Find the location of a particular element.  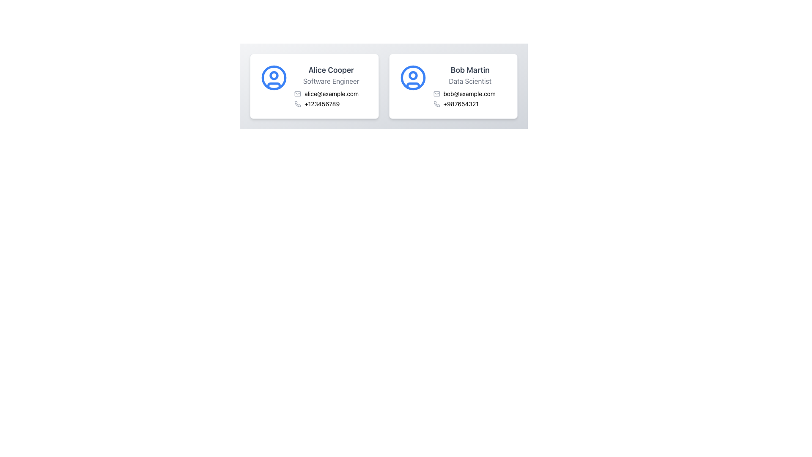

the small circular shape within the user profile icon, which represents the head in the circle-user symbol, located to the left of the user's name 'Alice Cooper' is located at coordinates (274, 74).